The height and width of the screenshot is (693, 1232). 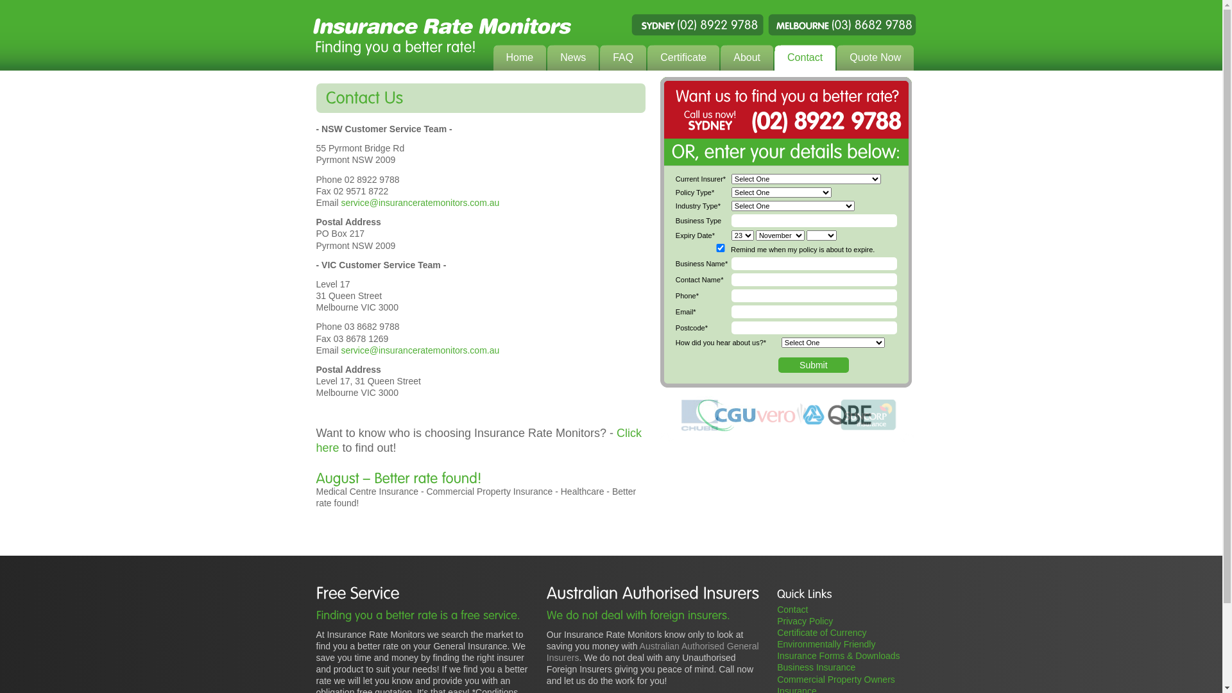 What do you see at coordinates (838, 656) in the screenshot?
I see `'Insurance Forms & Downloads'` at bounding box center [838, 656].